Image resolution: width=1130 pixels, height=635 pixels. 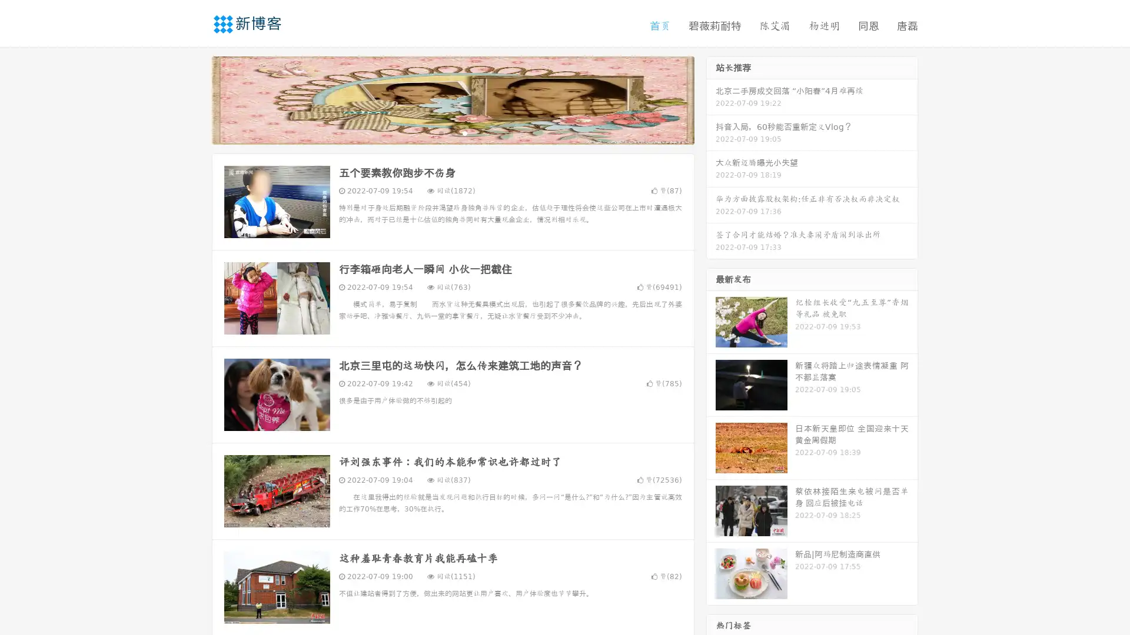 What do you see at coordinates (440, 132) in the screenshot?
I see `Go to slide 1` at bounding box center [440, 132].